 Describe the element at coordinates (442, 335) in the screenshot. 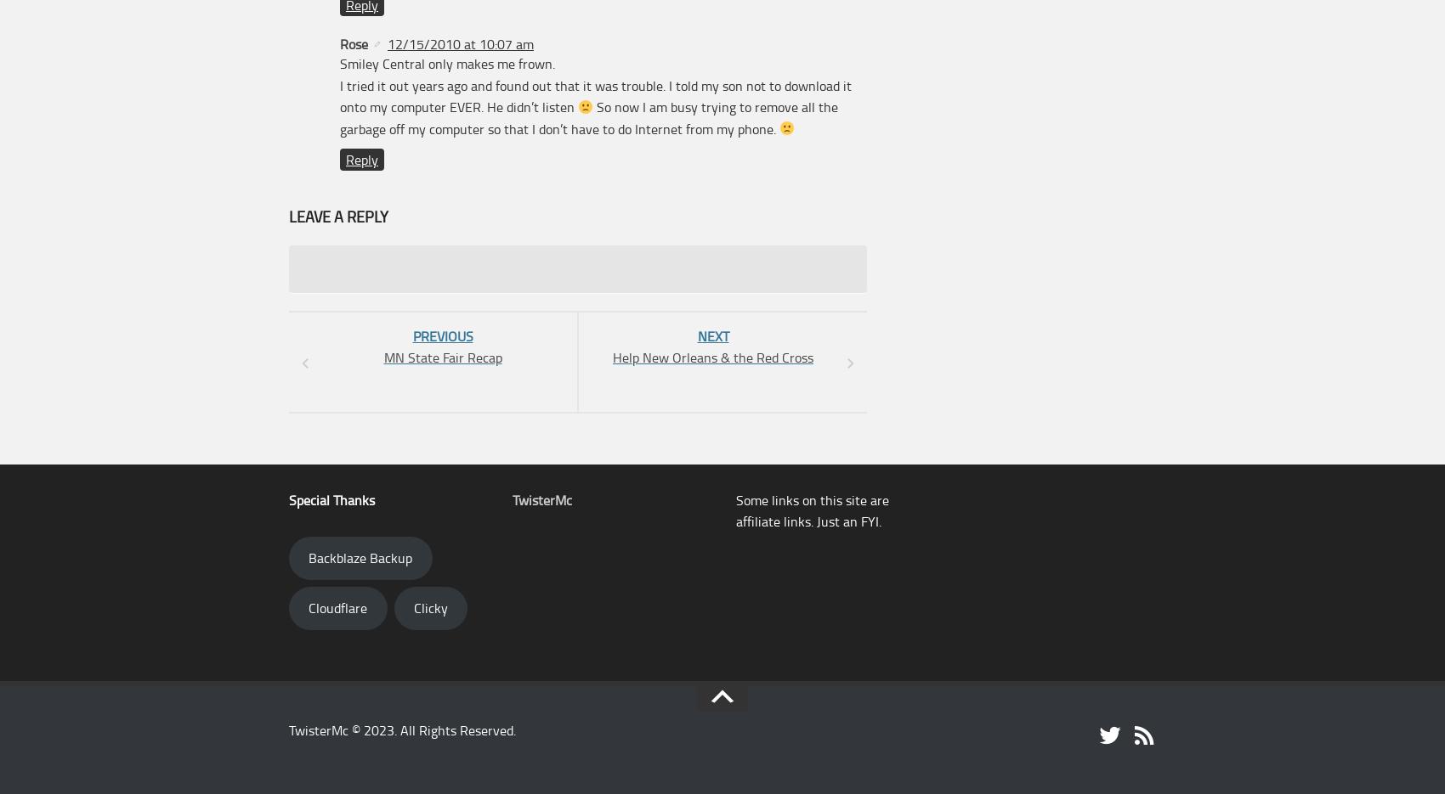

I see `'Previous'` at that location.